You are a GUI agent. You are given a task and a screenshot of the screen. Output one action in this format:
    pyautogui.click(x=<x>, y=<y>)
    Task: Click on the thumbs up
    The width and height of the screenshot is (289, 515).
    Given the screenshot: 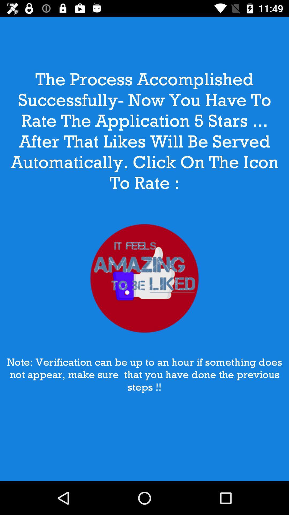 What is the action you would take?
    pyautogui.click(x=144, y=278)
    